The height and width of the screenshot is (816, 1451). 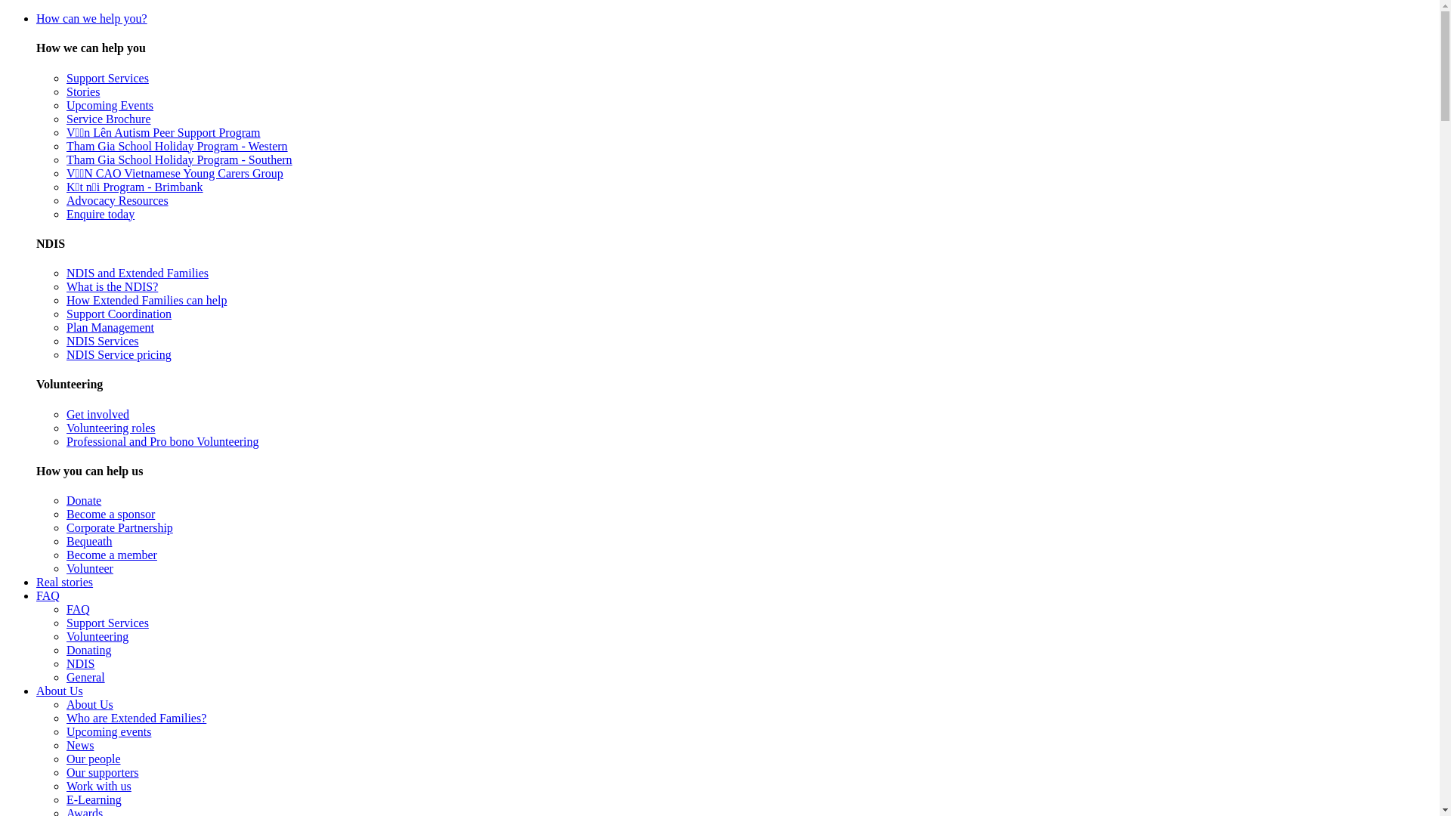 What do you see at coordinates (177, 146) in the screenshot?
I see `'Tham Gia School Holiday Program - Western'` at bounding box center [177, 146].